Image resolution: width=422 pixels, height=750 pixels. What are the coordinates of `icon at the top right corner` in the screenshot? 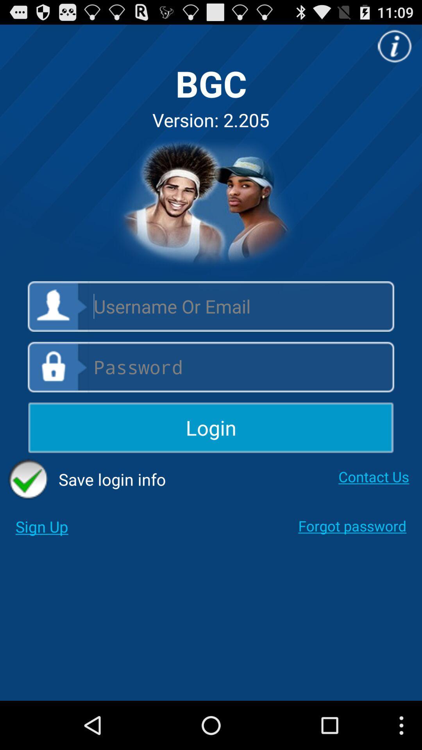 It's located at (395, 46).